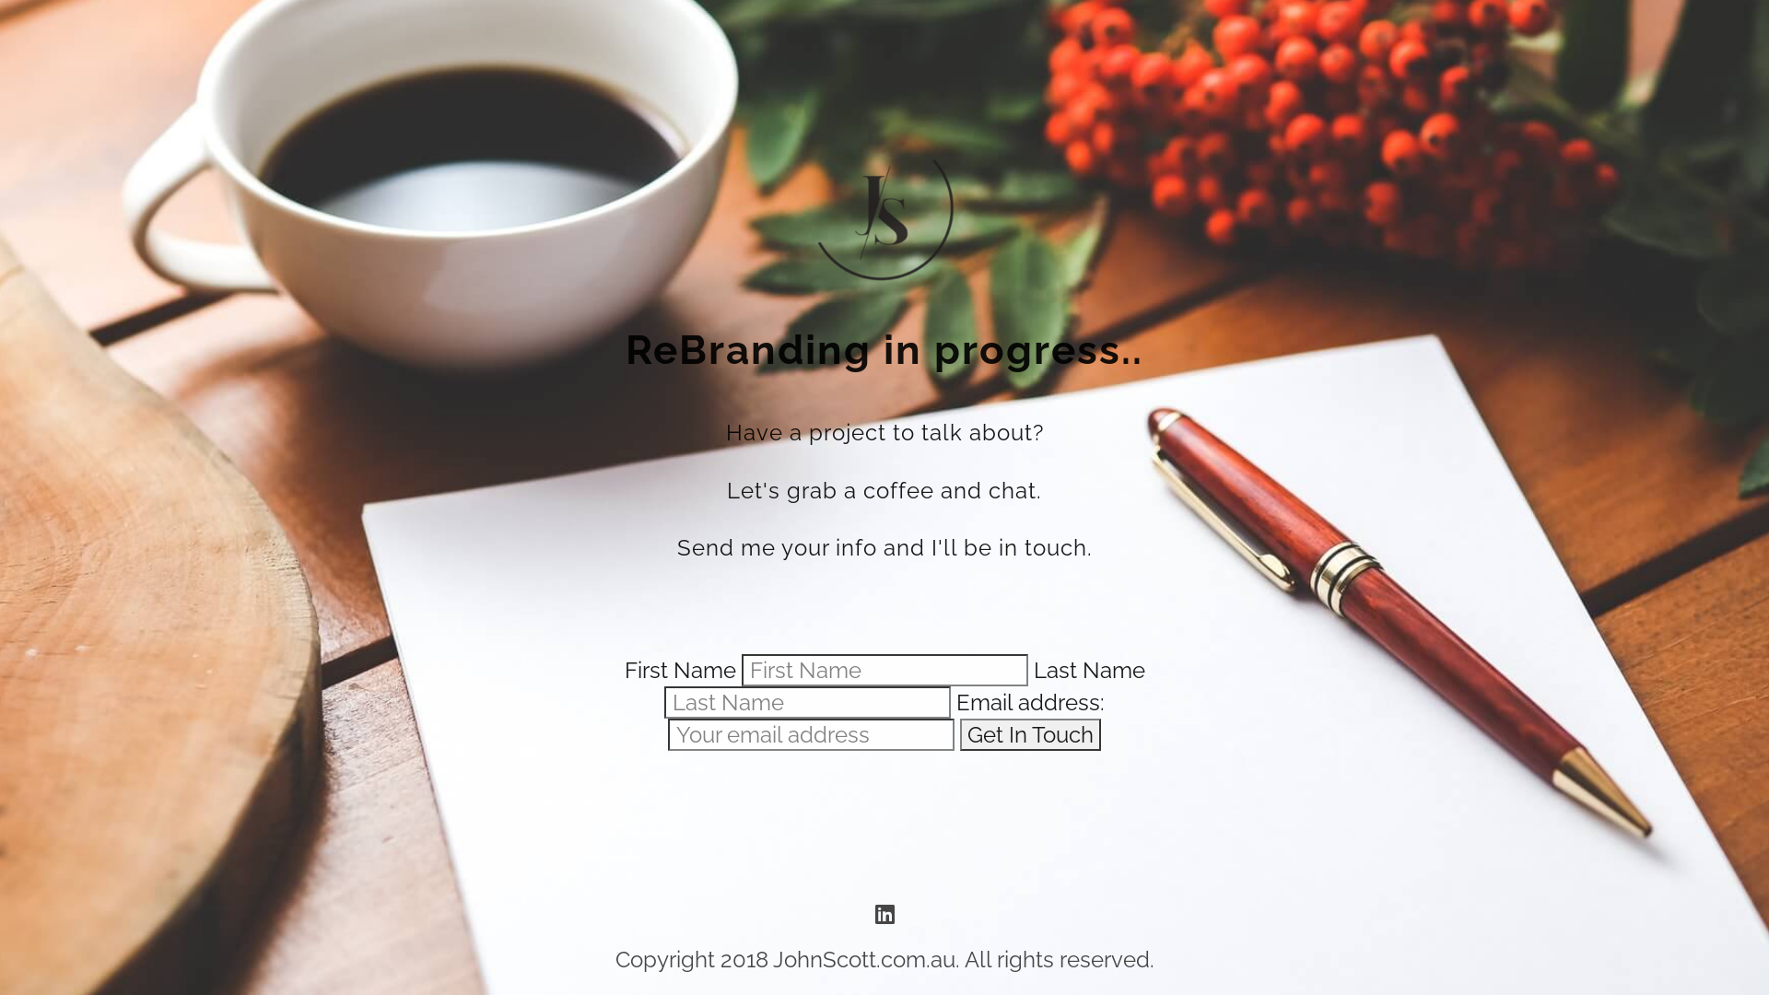 Image resolution: width=1769 pixels, height=995 pixels. Describe the element at coordinates (1029, 733) in the screenshot. I see `'Get In Touch'` at that location.